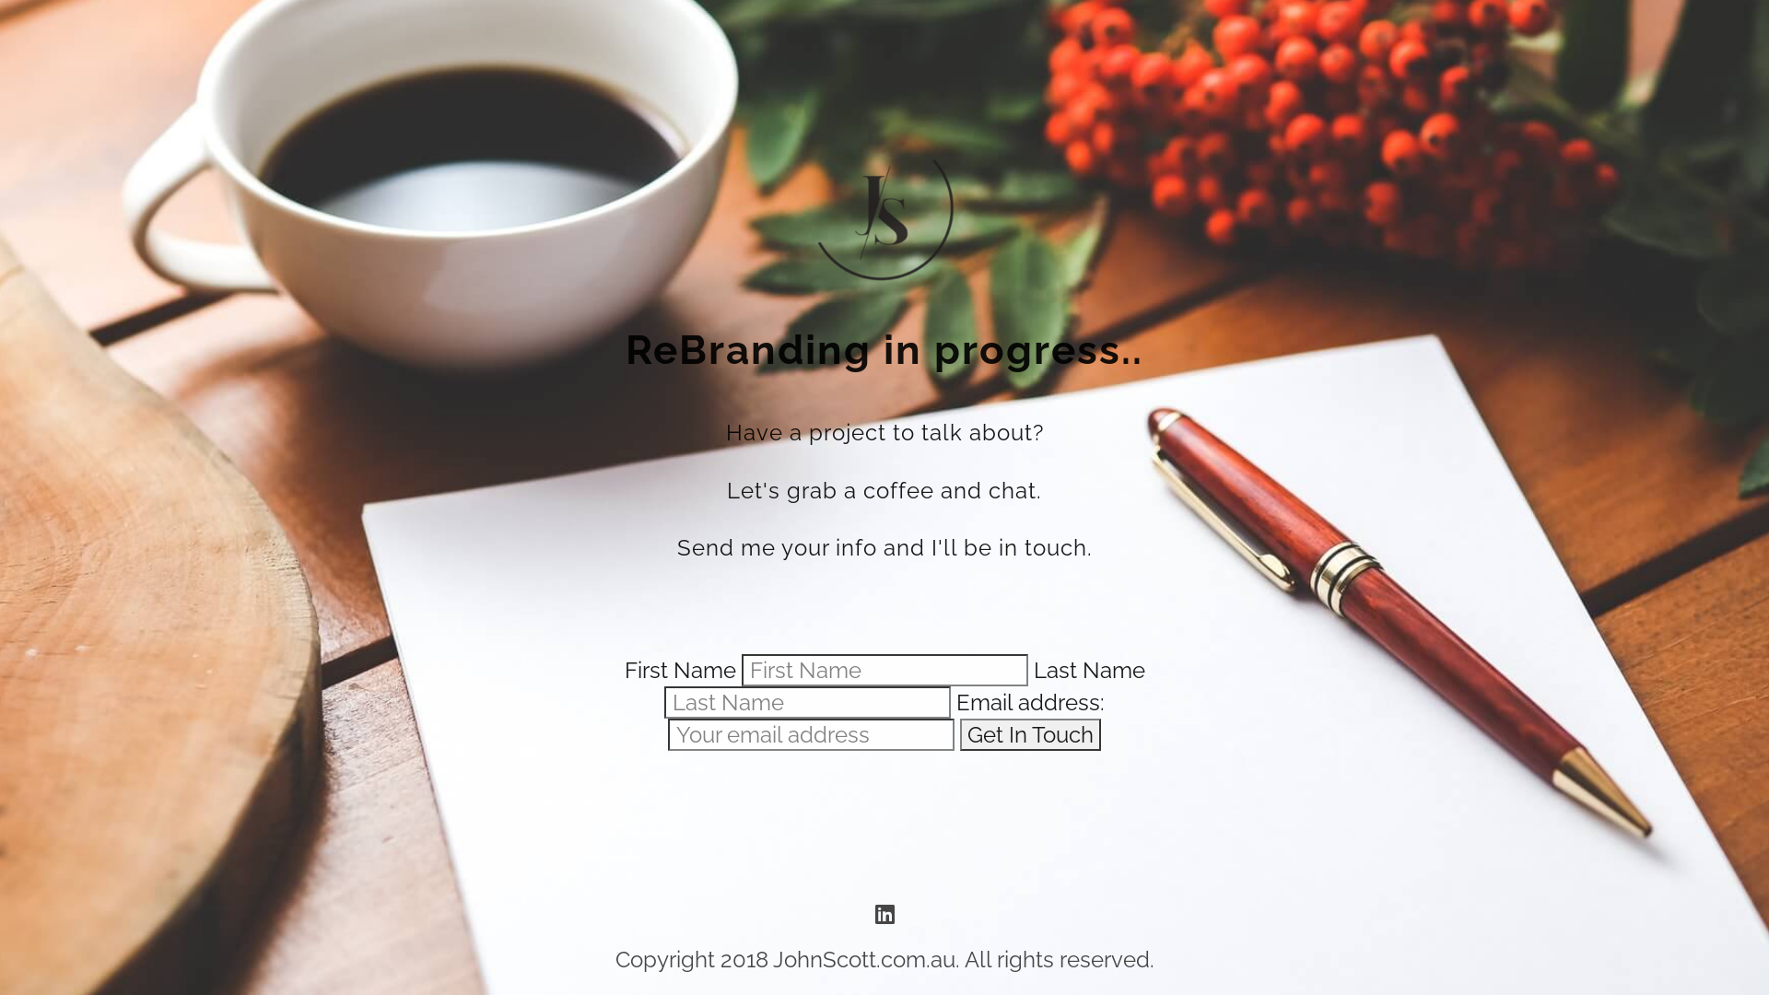 Image resolution: width=1769 pixels, height=995 pixels. Describe the element at coordinates (1029, 733) in the screenshot. I see `'Get In Touch'` at that location.